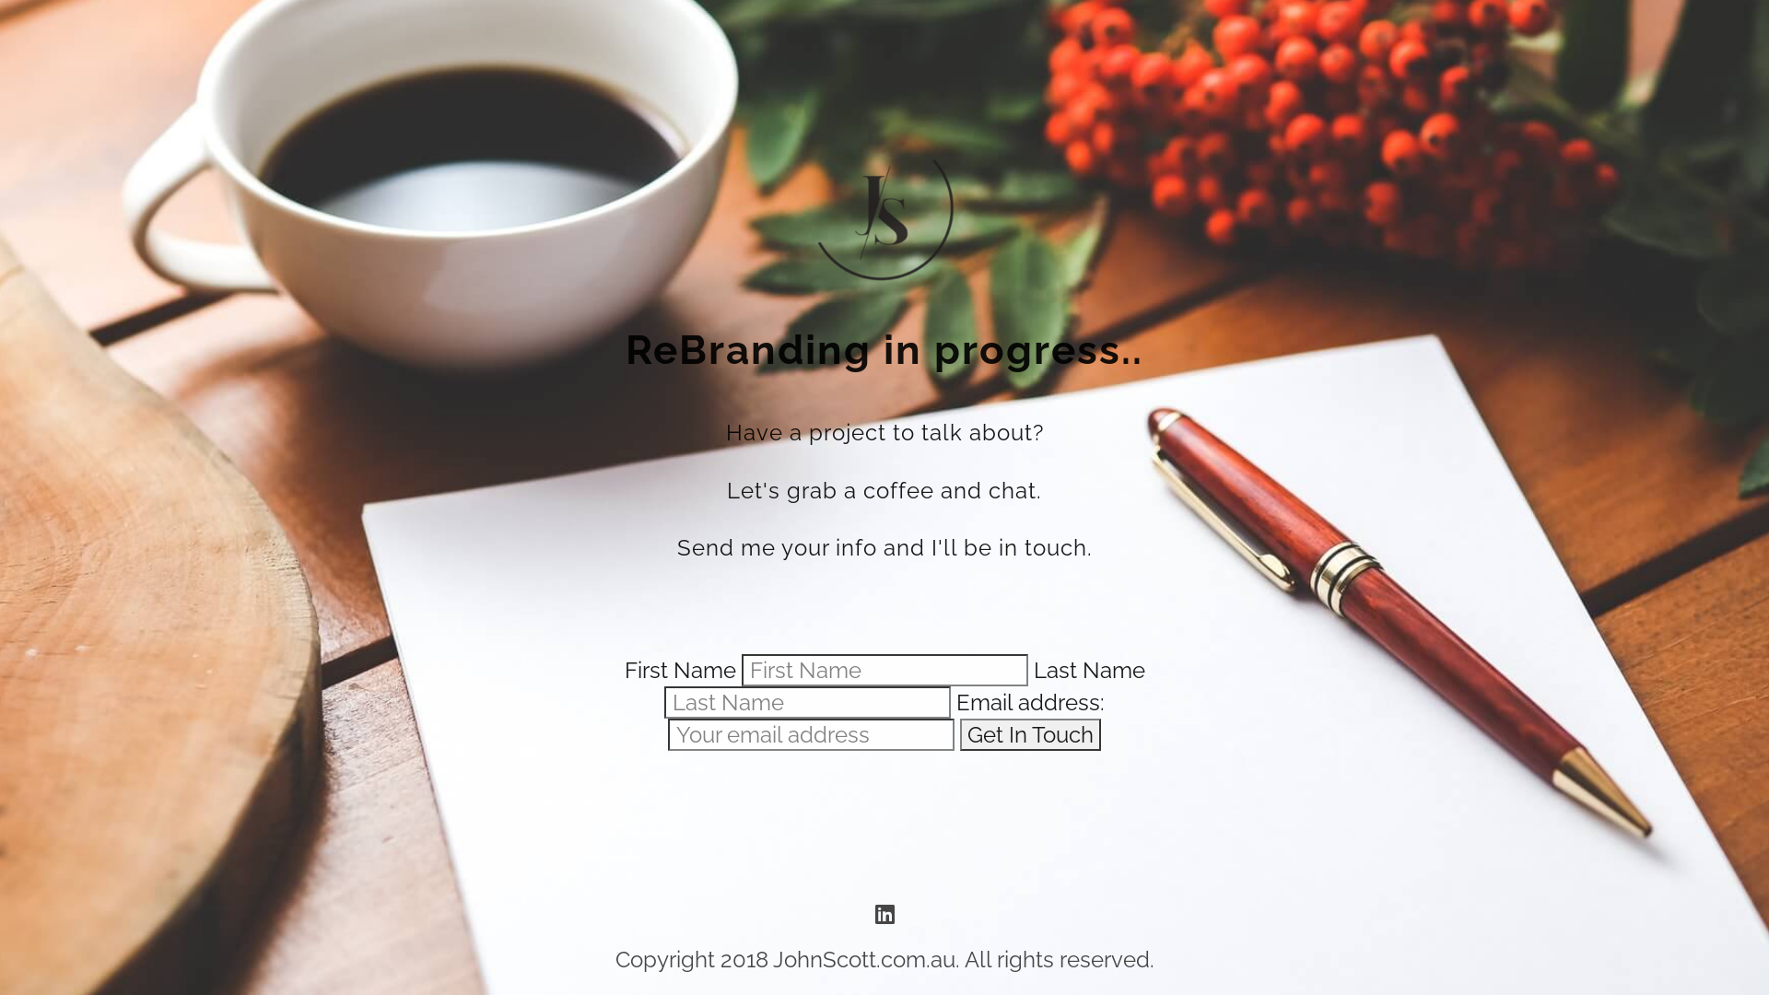 Image resolution: width=1769 pixels, height=995 pixels. Describe the element at coordinates (1029, 733) in the screenshot. I see `'Get In Touch'` at that location.